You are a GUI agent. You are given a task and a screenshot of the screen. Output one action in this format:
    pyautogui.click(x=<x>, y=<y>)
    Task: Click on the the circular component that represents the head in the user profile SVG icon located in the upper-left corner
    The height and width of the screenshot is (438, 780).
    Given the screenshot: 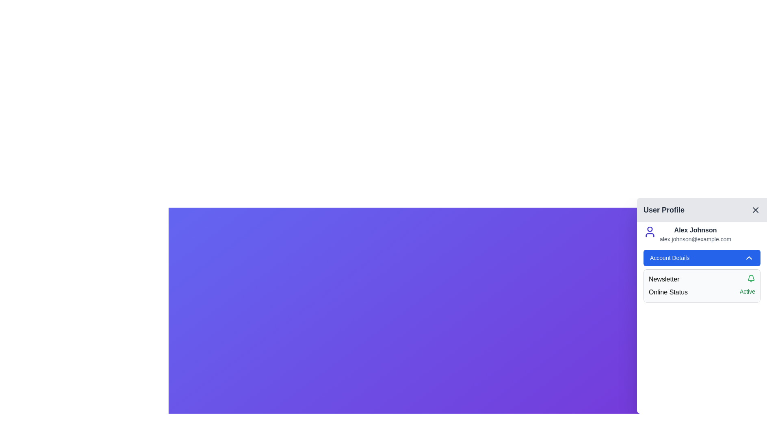 What is the action you would take?
    pyautogui.click(x=649, y=229)
    